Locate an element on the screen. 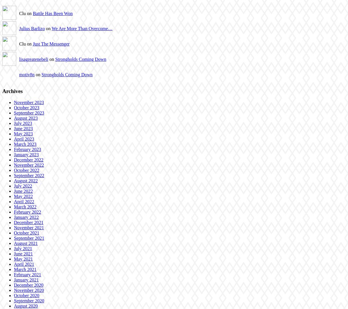 This screenshot has width=348, height=309. 'October 2023' is located at coordinates (14, 107).